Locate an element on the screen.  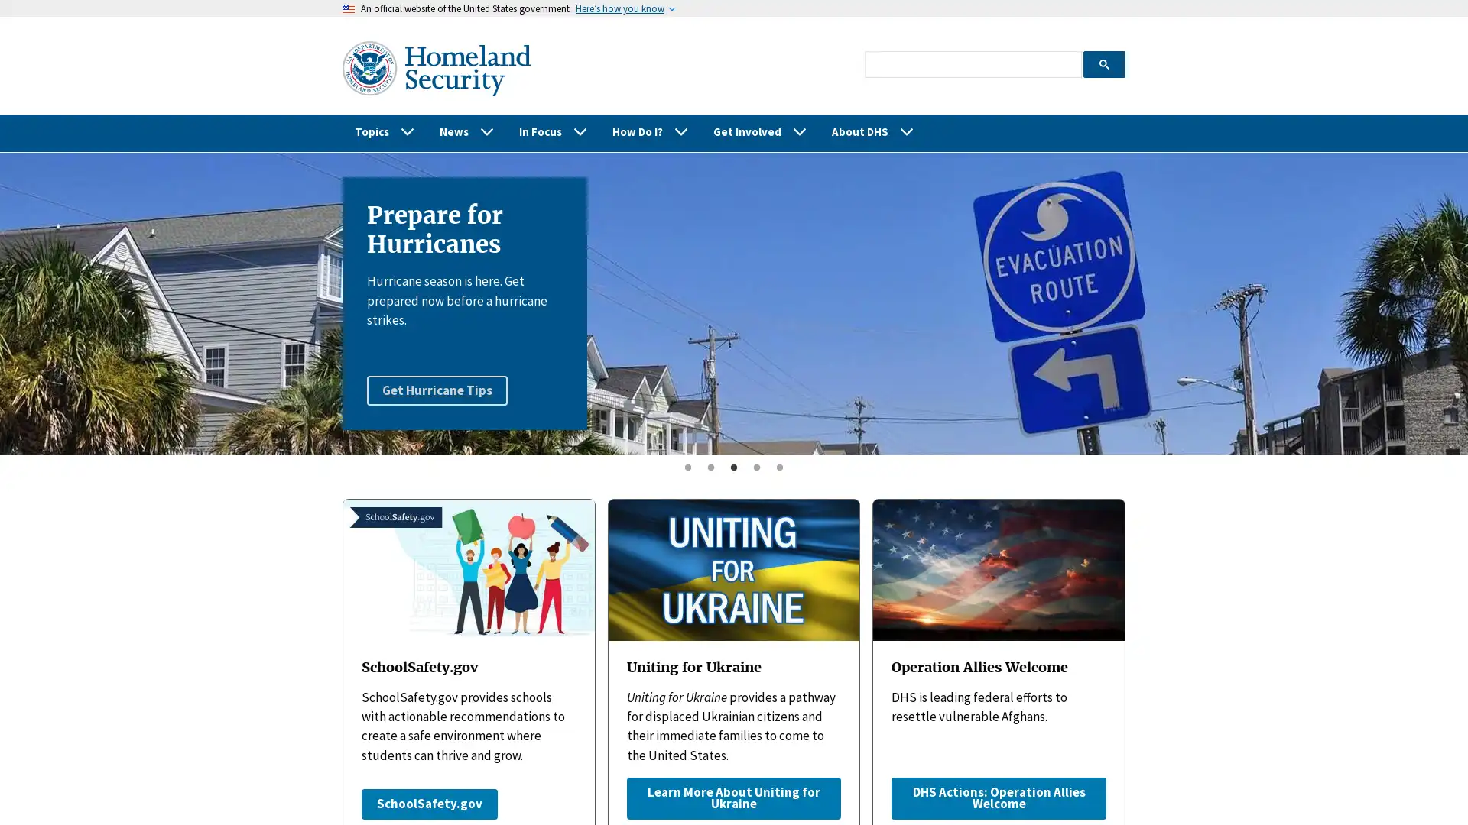
Topics is located at coordinates (385, 131).